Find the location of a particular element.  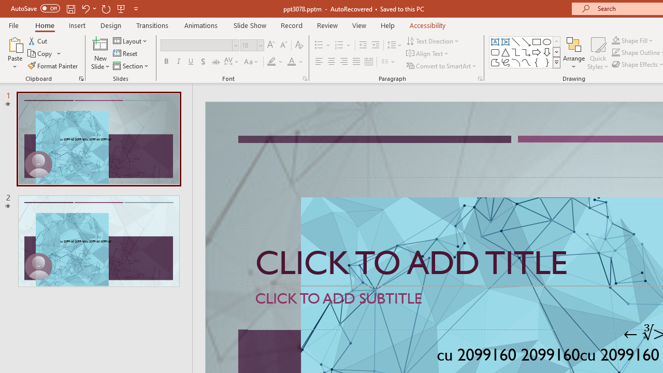

'Bold' is located at coordinates (166, 62).